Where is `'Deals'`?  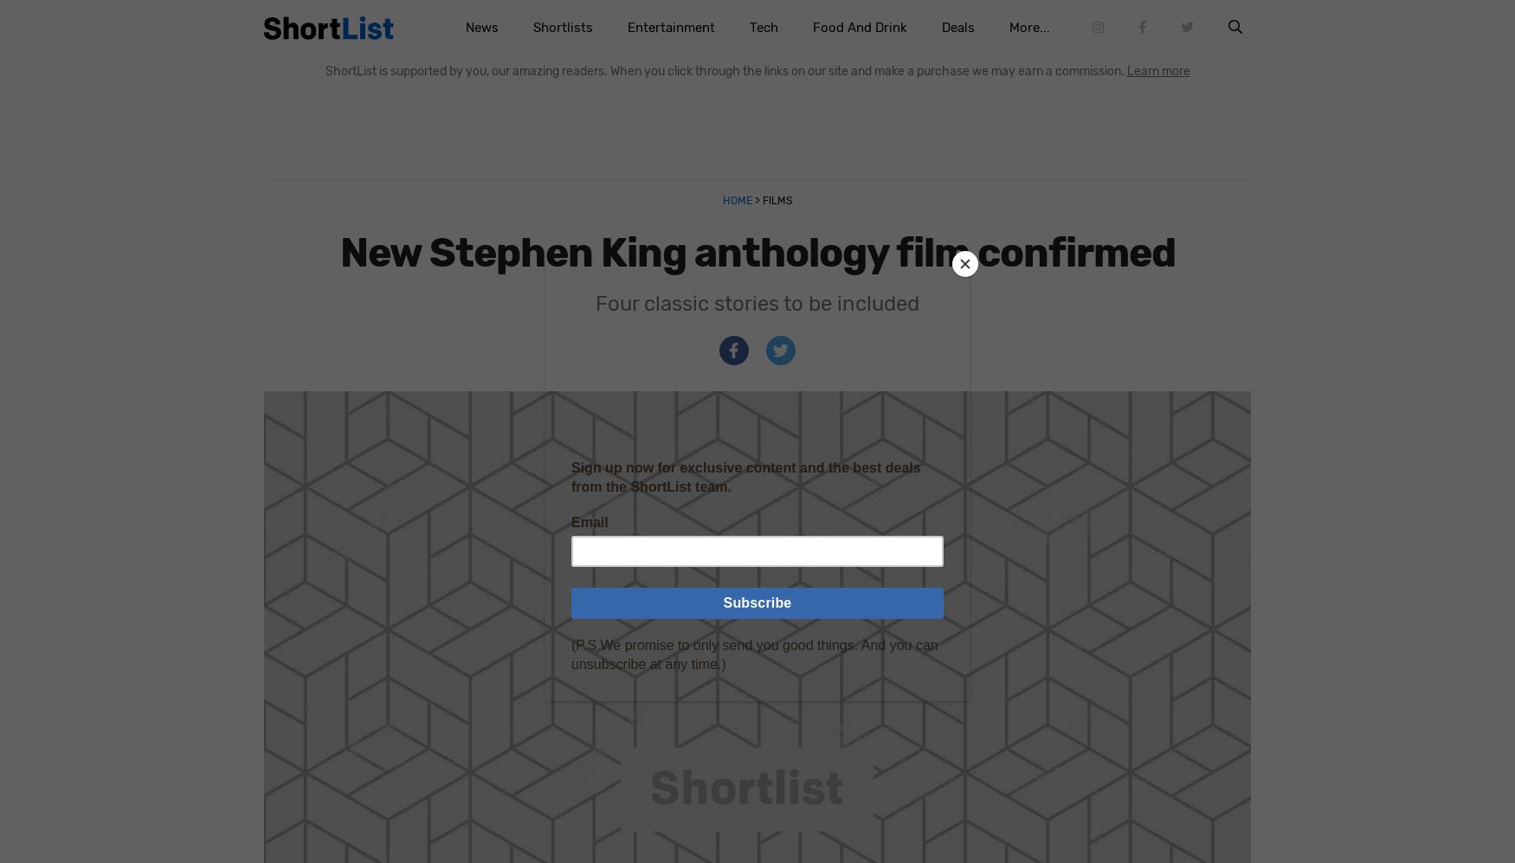 'Deals' is located at coordinates (940, 28).